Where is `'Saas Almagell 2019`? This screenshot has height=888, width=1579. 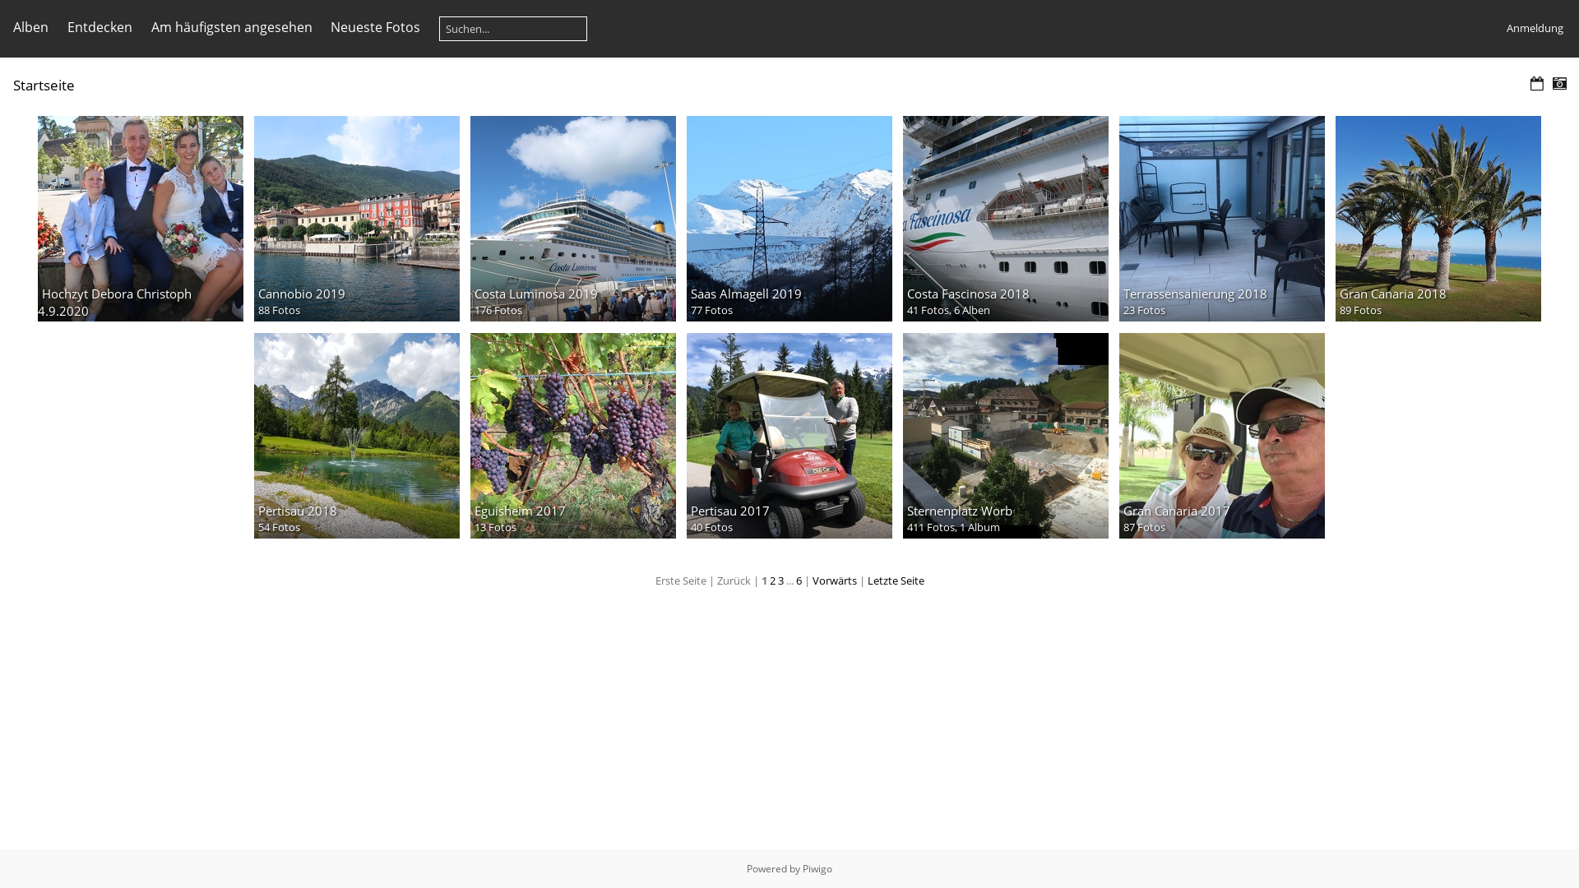 'Saas Almagell 2019 is located at coordinates (789, 218).